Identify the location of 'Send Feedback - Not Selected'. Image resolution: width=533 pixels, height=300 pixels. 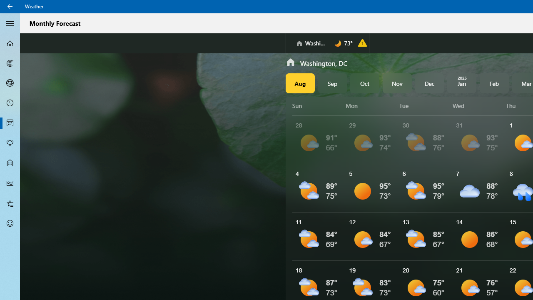
(10, 223).